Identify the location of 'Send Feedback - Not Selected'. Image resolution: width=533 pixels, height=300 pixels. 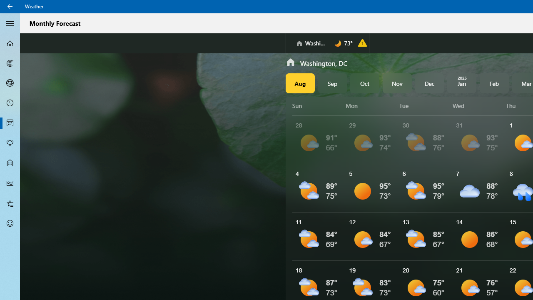
(10, 223).